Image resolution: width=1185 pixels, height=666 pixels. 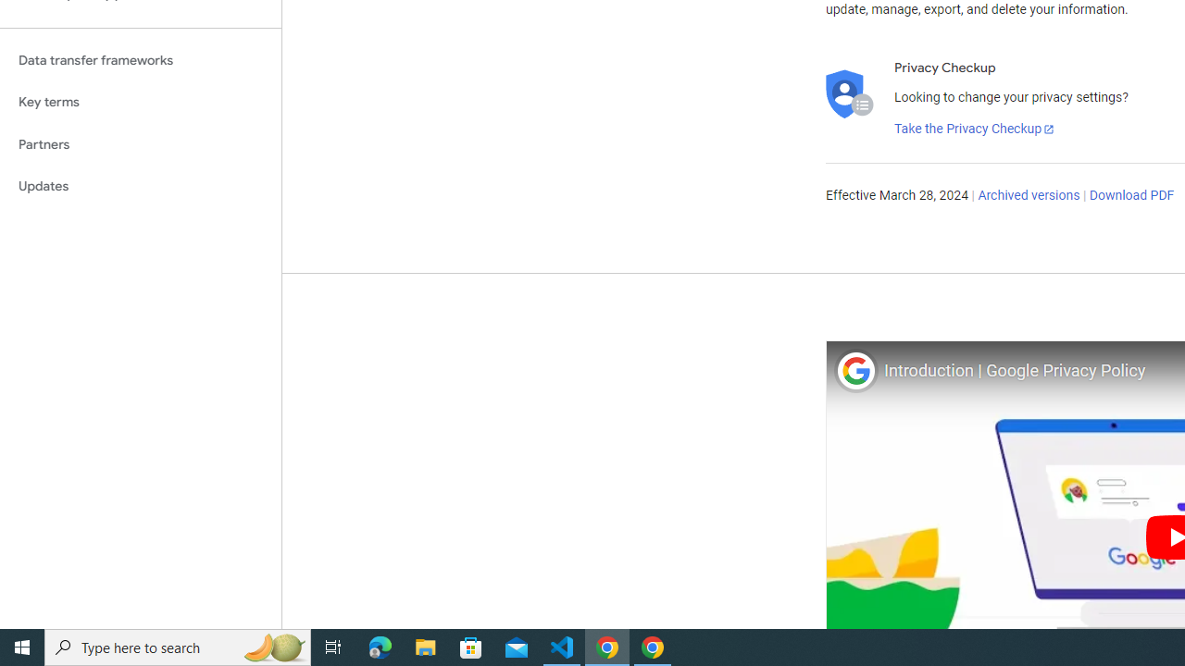 I want to click on 'Data transfer frameworks', so click(x=140, y=59).